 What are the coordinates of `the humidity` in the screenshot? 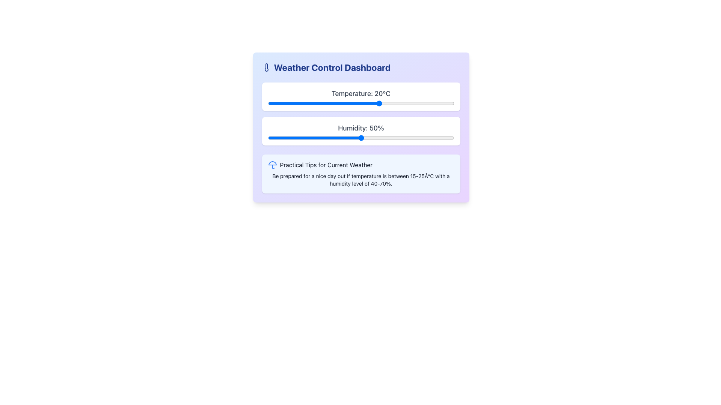 It's located at (403, 138).